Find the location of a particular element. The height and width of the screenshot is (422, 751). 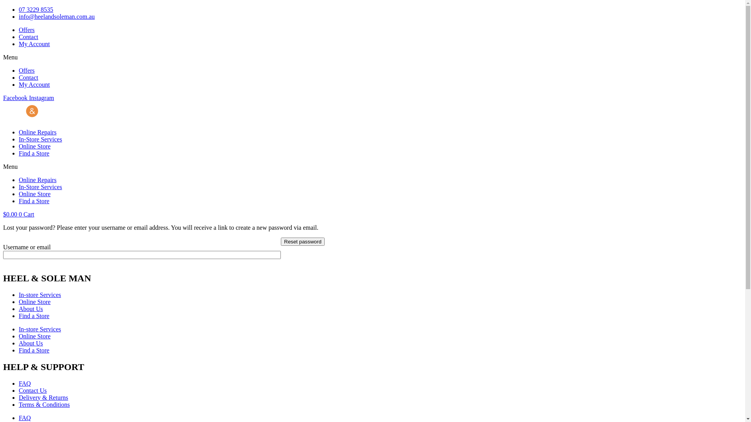

'Offers' is located at coordinates (19, 29).